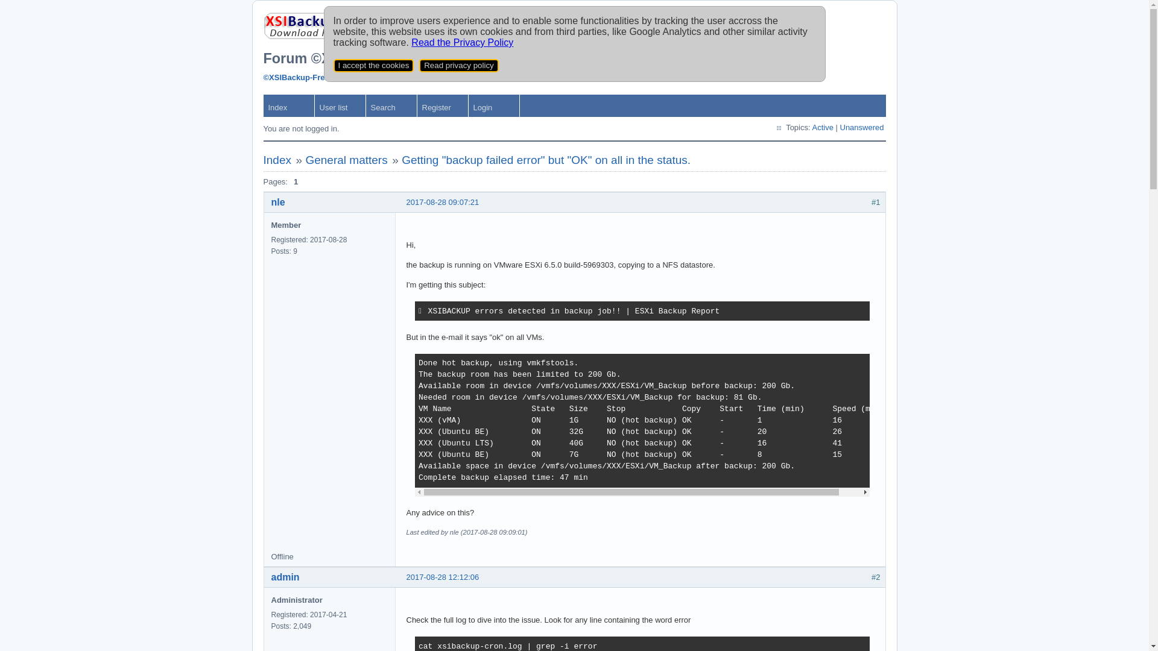 This screenshot has height=651, width=1158. What do you see at coordinates (285, 576) in the screenshot?
I see `'admin'` at bounding box center [285, 576].